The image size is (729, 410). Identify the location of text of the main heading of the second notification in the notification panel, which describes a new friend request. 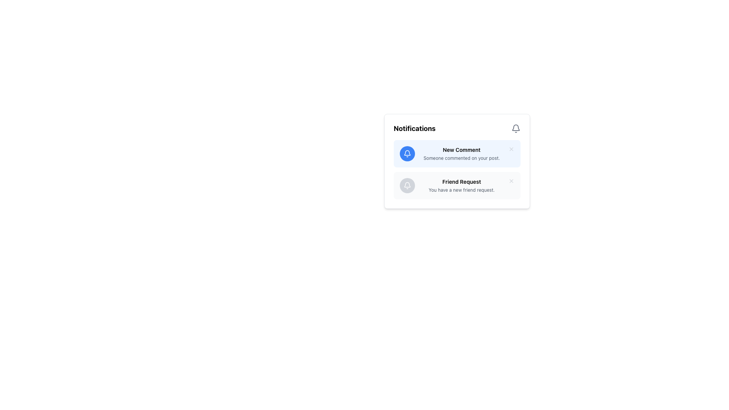
(461, 181).